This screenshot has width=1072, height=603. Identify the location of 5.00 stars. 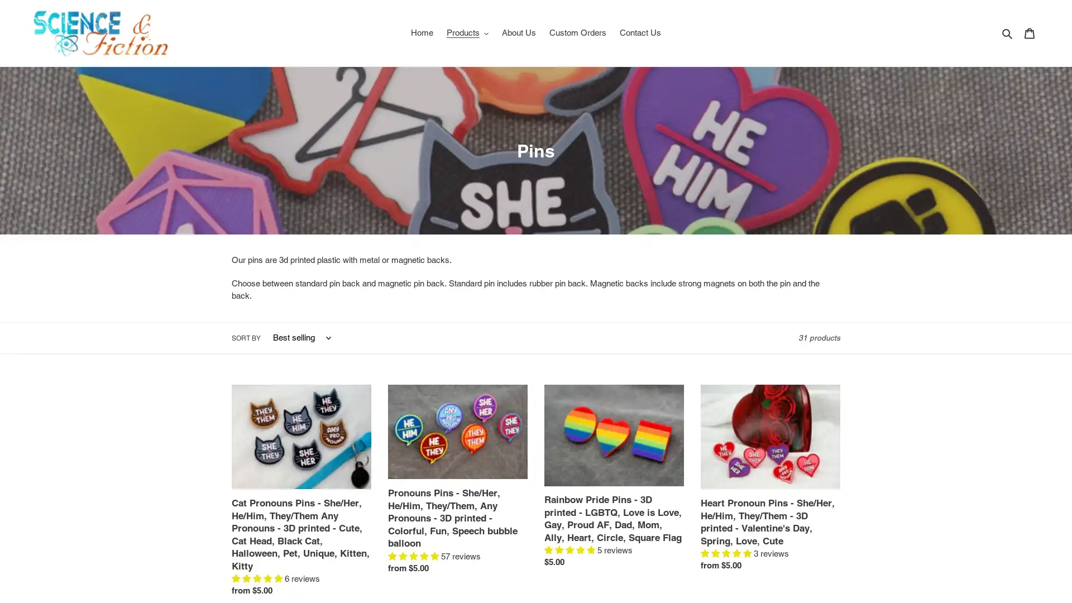
(727, 553).